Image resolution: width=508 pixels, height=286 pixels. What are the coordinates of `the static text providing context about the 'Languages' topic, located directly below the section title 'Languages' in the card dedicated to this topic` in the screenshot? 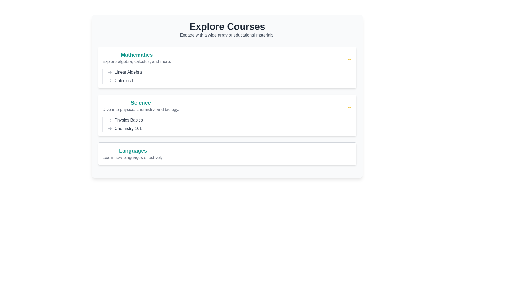 It's located at (133, 157).